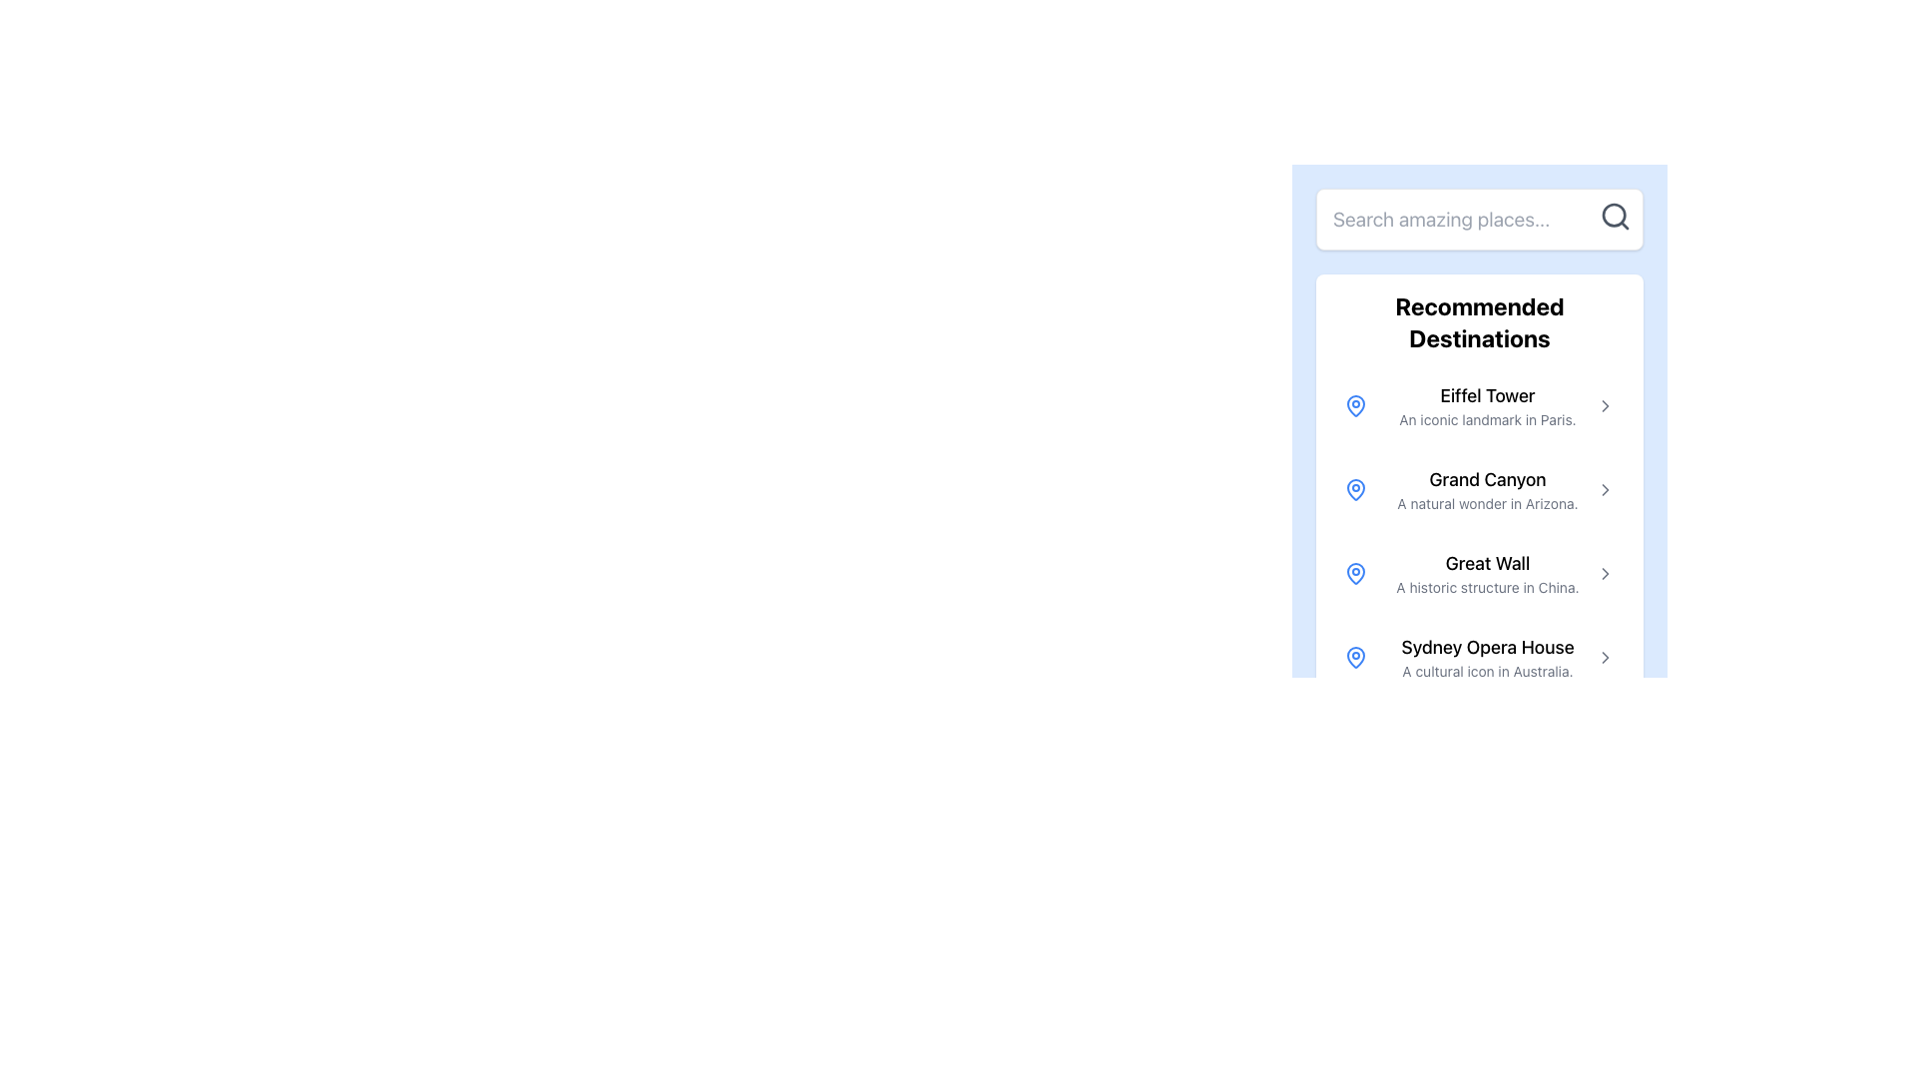  I want to click on the arrow indicator icon located at the far right of the 'Grand Canyon A natural wonder in Arizona.' row within the 'Recommended Destinations' section, so click(1605, 489).